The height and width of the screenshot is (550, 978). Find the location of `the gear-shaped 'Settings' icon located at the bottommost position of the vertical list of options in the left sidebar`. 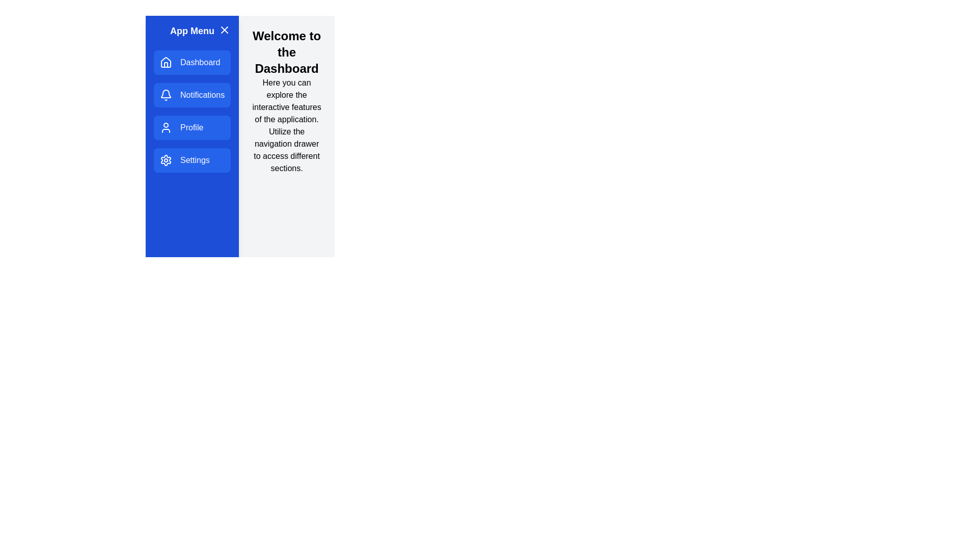

the gear-shaped 'Settings' icon located at the bottommost position of the vertical list of options in the left sidebar is located at coordinates (166, 160).